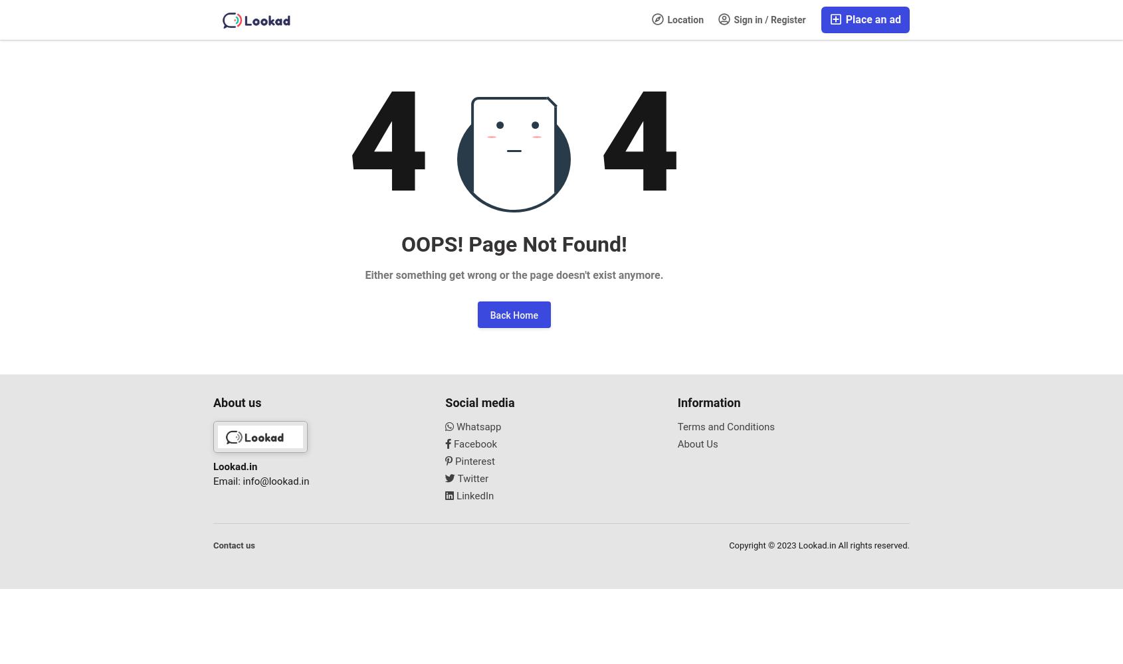  I want to click on 'Lookad.in', so click(235, 465).